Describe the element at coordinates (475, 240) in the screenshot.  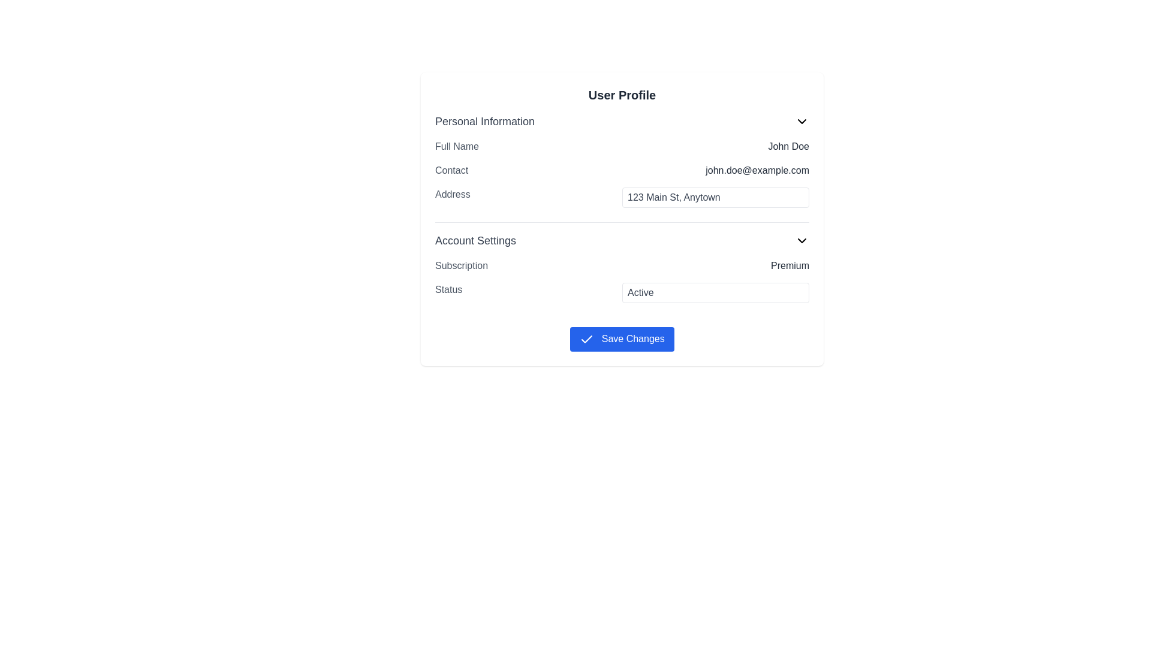
I see `the 'Account Settings' label that signifies the start of the Account Settings section in the user profile interface` at that location.